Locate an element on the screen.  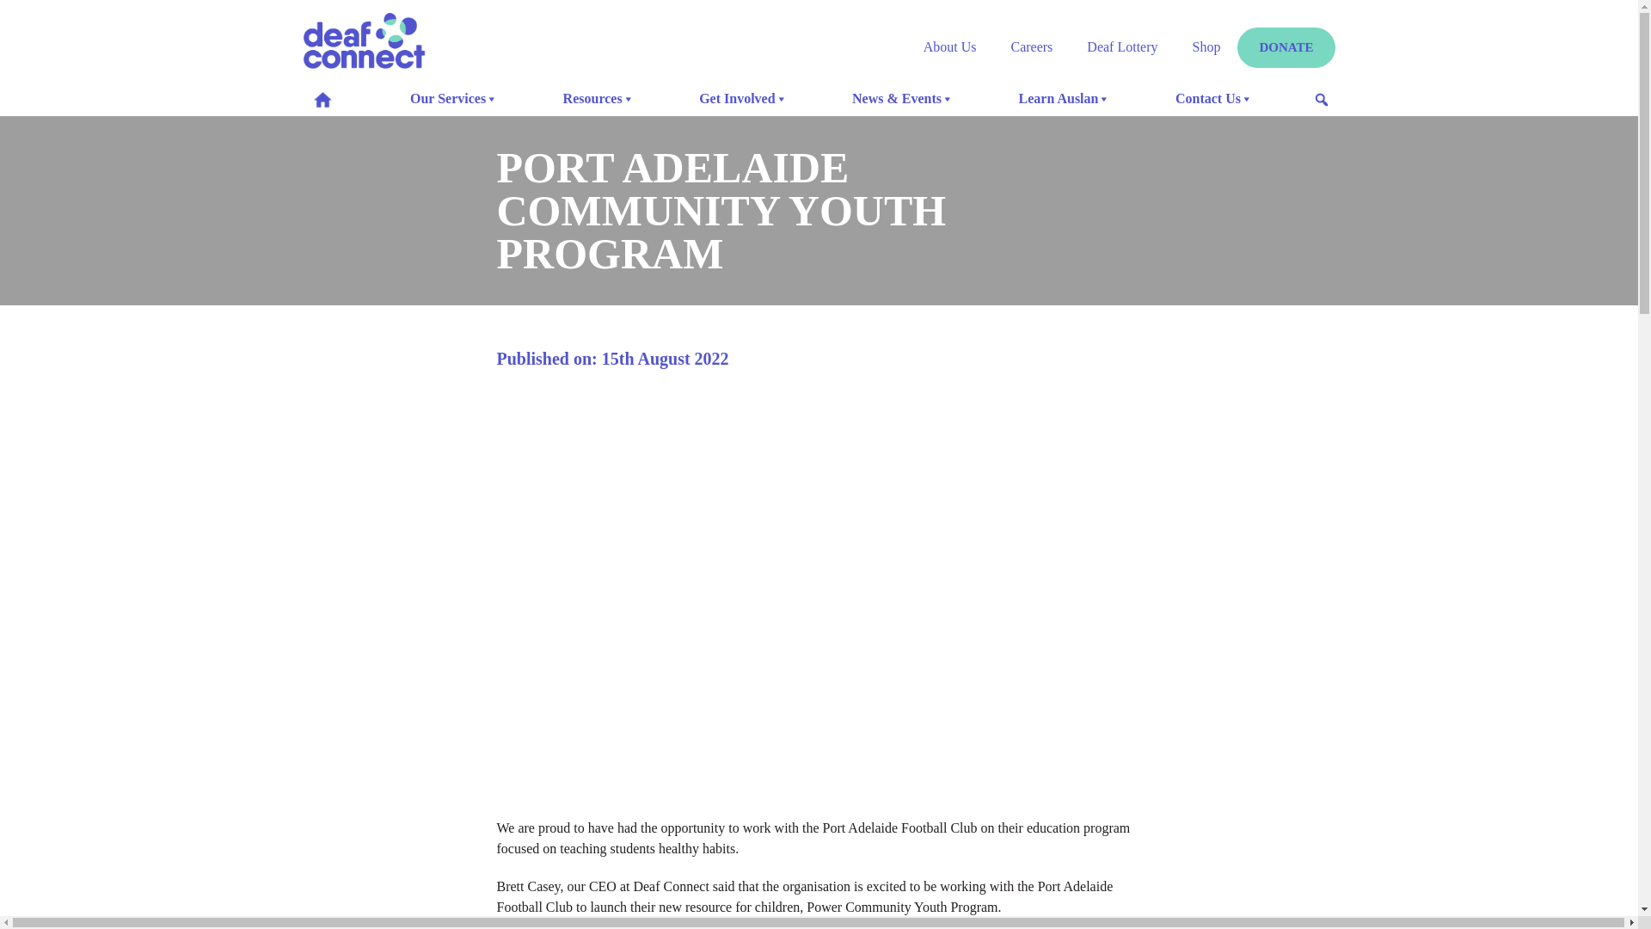
'News & Events' is located at coordinates (843, 99).